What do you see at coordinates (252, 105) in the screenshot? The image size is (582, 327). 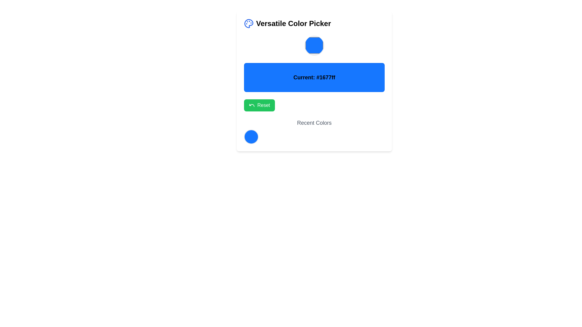 I see `the small undo icon located inside the green rectangular button labeled 'Reset', which is positioned to the left of the label text` at bounding box center [252, 105].